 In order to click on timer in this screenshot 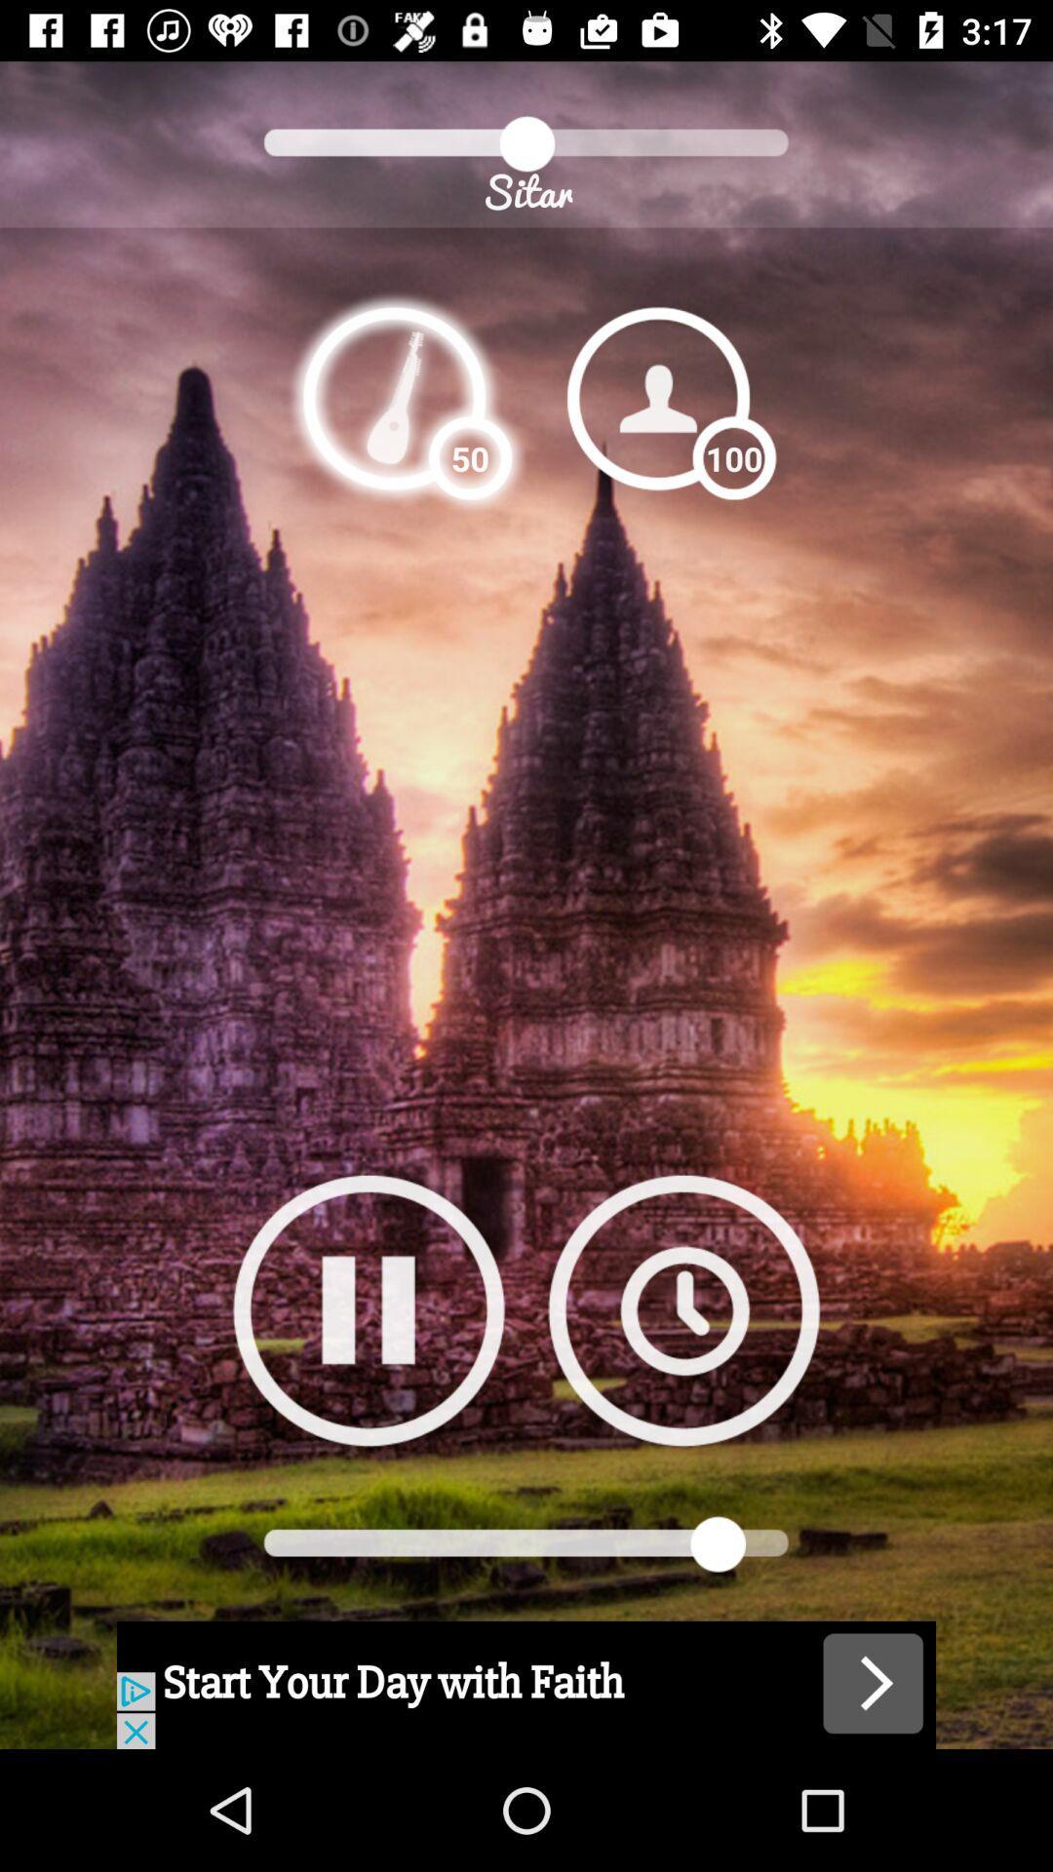, I will do `click(682, 1309)`.